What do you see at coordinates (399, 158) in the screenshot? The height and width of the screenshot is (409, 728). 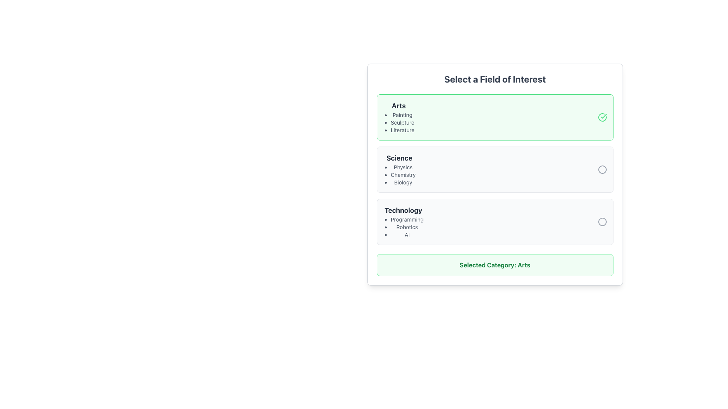 I see `the heading or label text that categorizes the items under 'Science' in the field of interest selection interface` at bounding box center [399, 158].